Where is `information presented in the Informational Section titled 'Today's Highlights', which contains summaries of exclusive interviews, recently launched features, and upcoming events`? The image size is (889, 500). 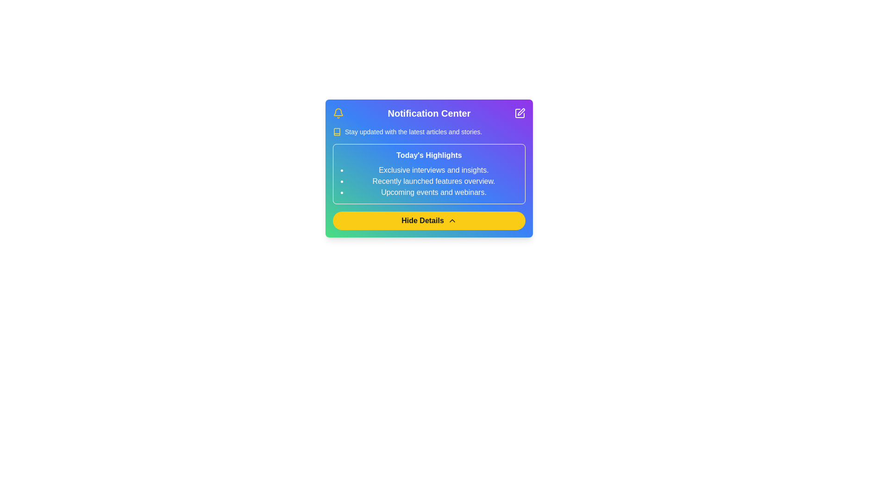 information presented in the Informational Section titled 'Today's Highlights', which contains summaries of exclusive interviews, recently launched features, and upcoming events is located at coordinates (428, 174).